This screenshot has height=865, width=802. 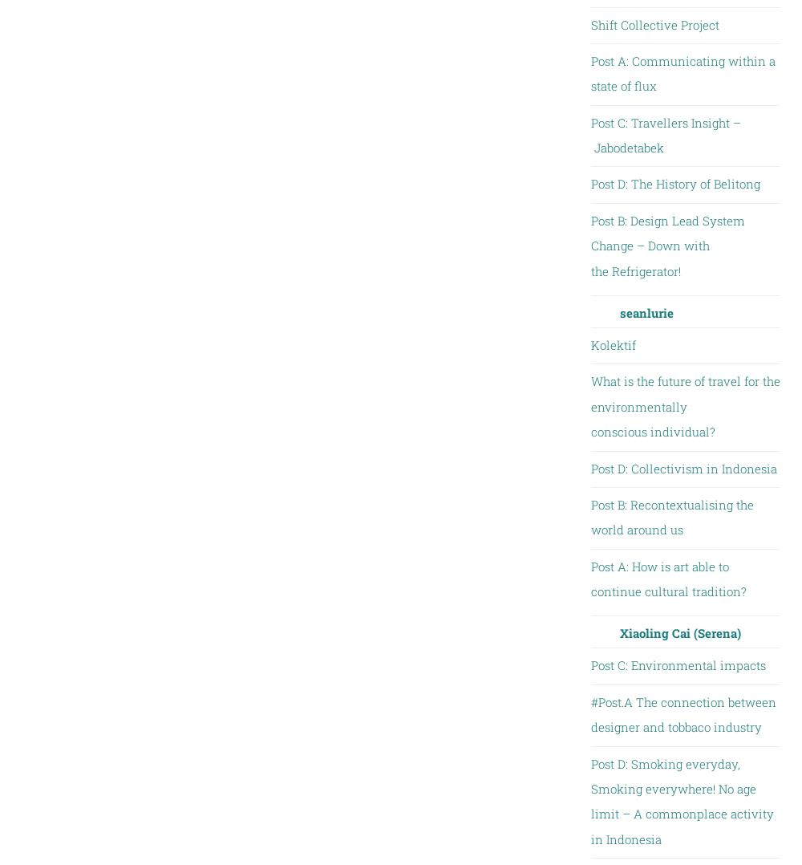 What do you see at coordinates (678, 631) in the screenshot?
I see `'Xiaoling Cai (Serena)'` at bounding box center [678, 631].